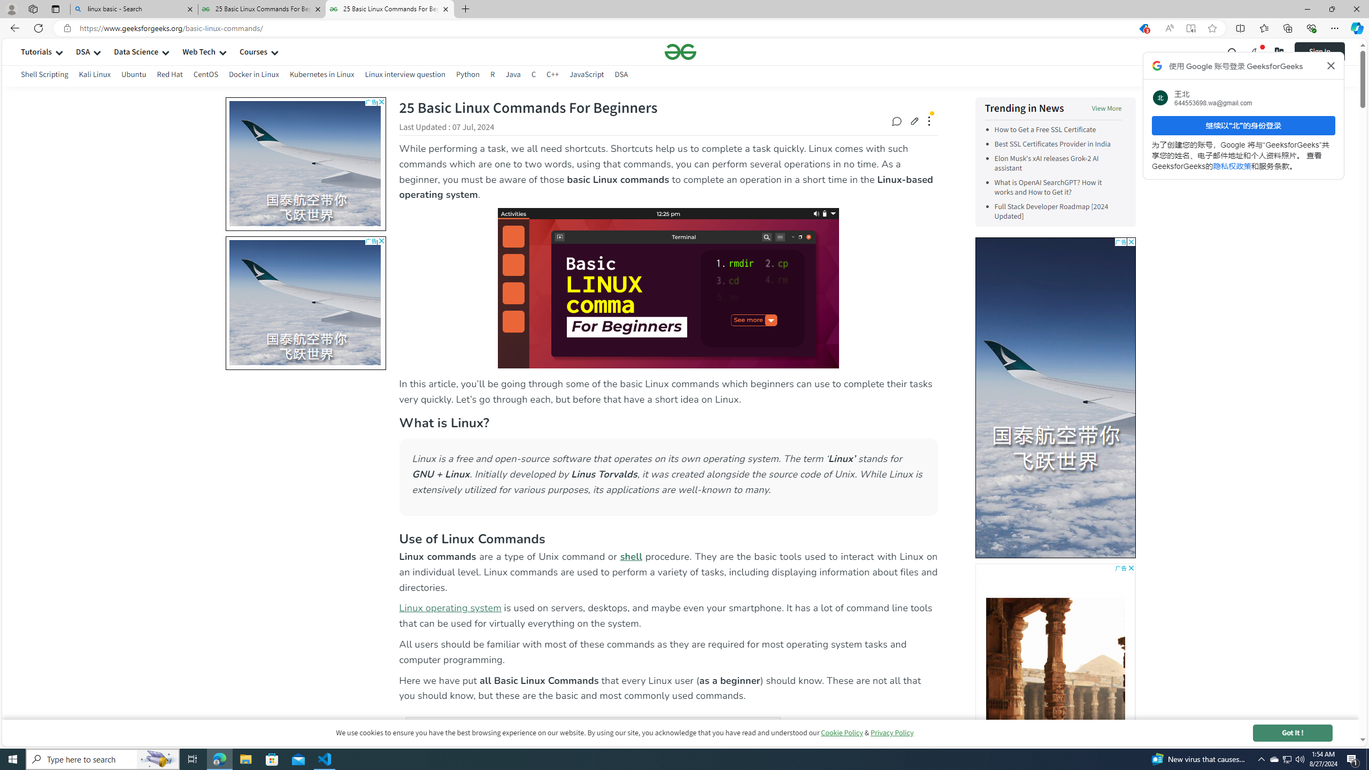 The width and height of the screenshot is (1369, 770). Describe the element at coordinates (1190, 28) in the screenshot. I see `'Enter Immersive Reader (F9)'` at that location.